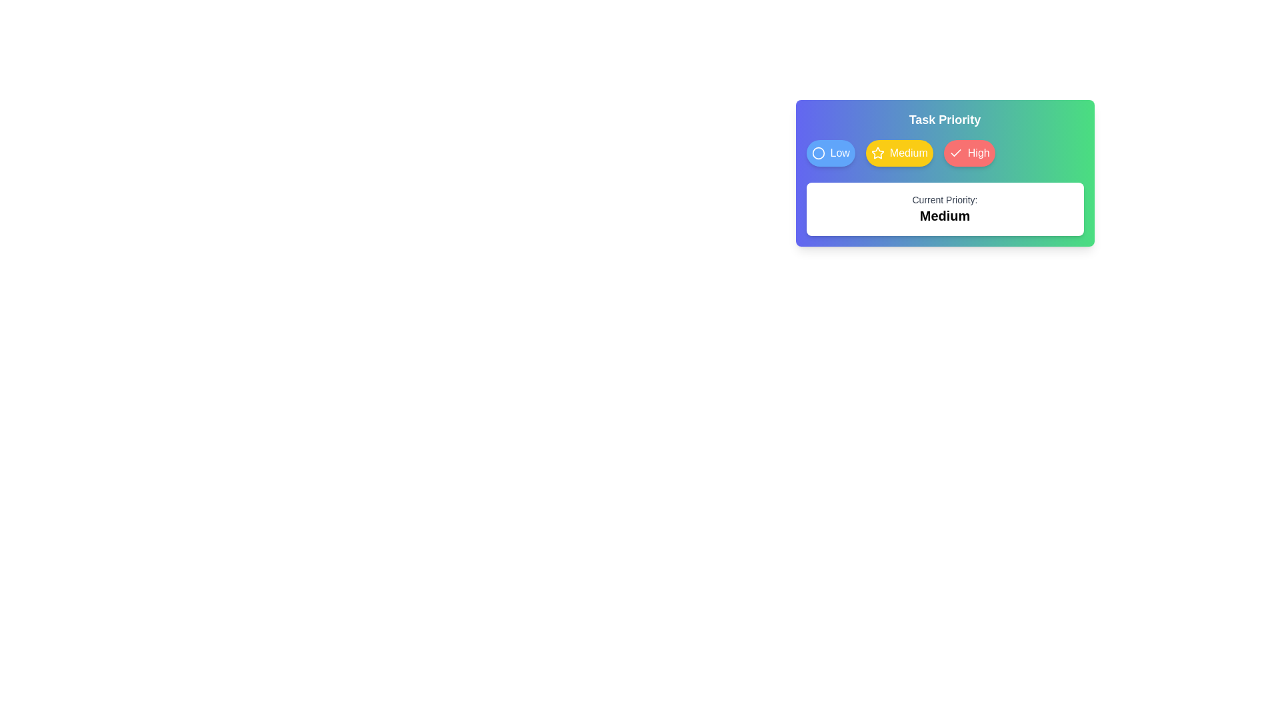 Image resolution: width=1280 pixels, height=720 pixels. What do you see at coordinates (839, 153) in the screenshot?
I see `'Low' priority level text label located within the blue button in the top-left quadrant of the priority selection interface` at bounding box center [839, 153].